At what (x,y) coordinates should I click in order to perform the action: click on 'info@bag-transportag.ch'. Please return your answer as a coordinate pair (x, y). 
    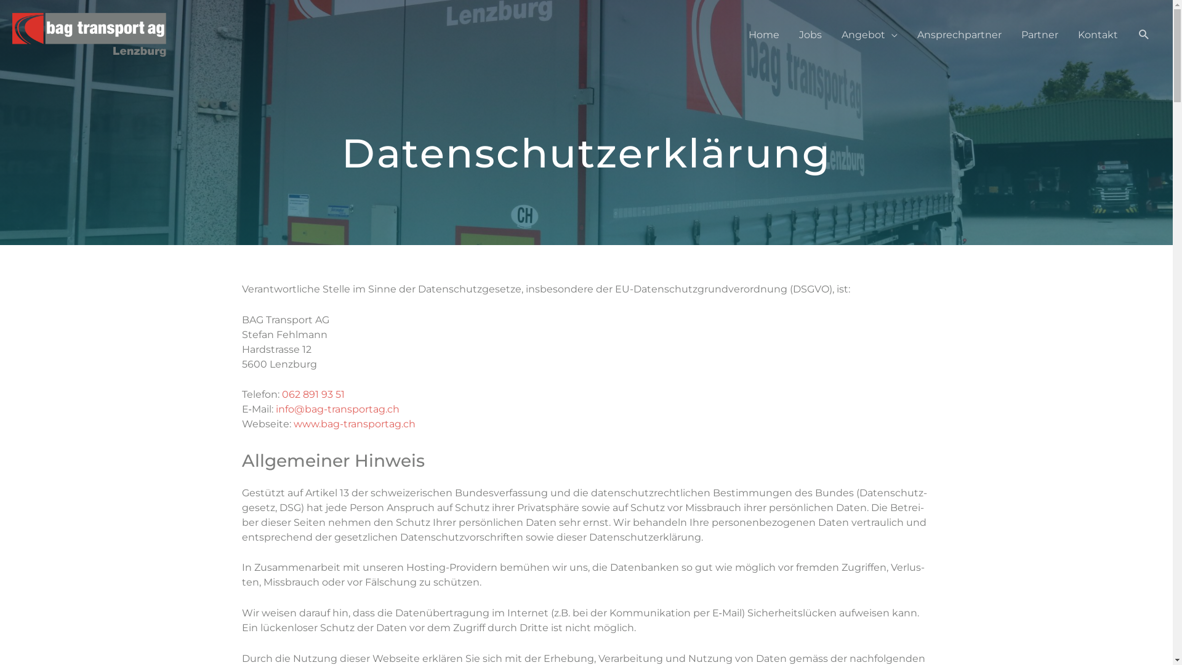
    Looking at the image, I should click on (337, 409).